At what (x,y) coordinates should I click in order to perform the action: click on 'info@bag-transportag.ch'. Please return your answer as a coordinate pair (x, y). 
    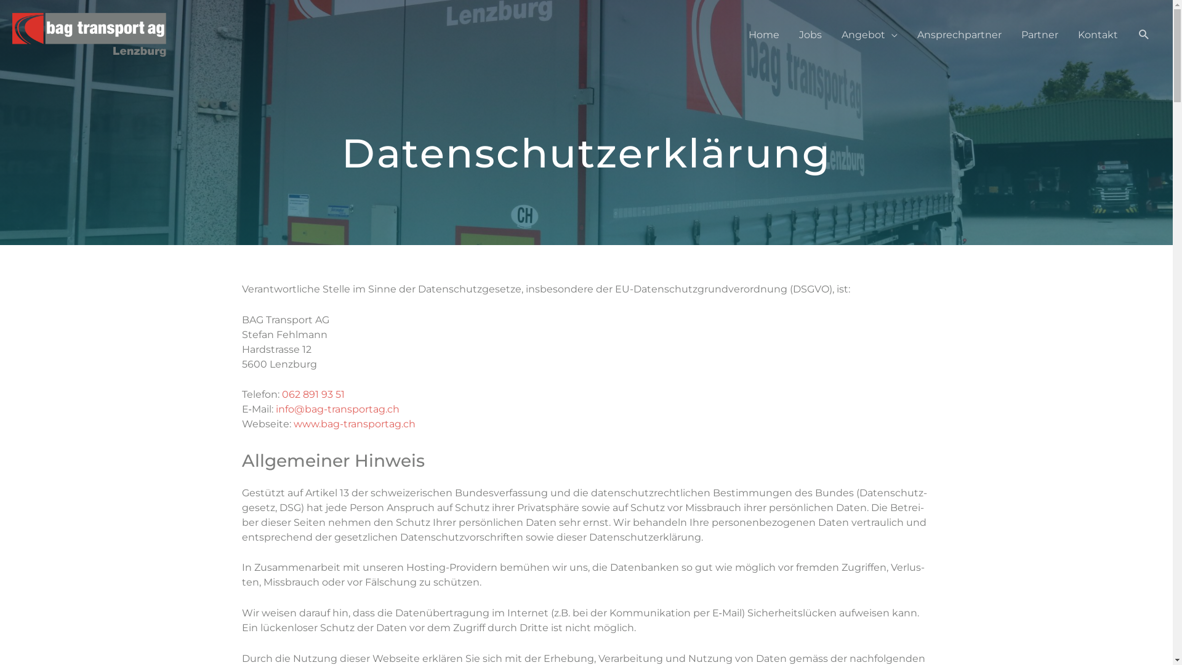
    Looking at the image, I should click on (337, 409).